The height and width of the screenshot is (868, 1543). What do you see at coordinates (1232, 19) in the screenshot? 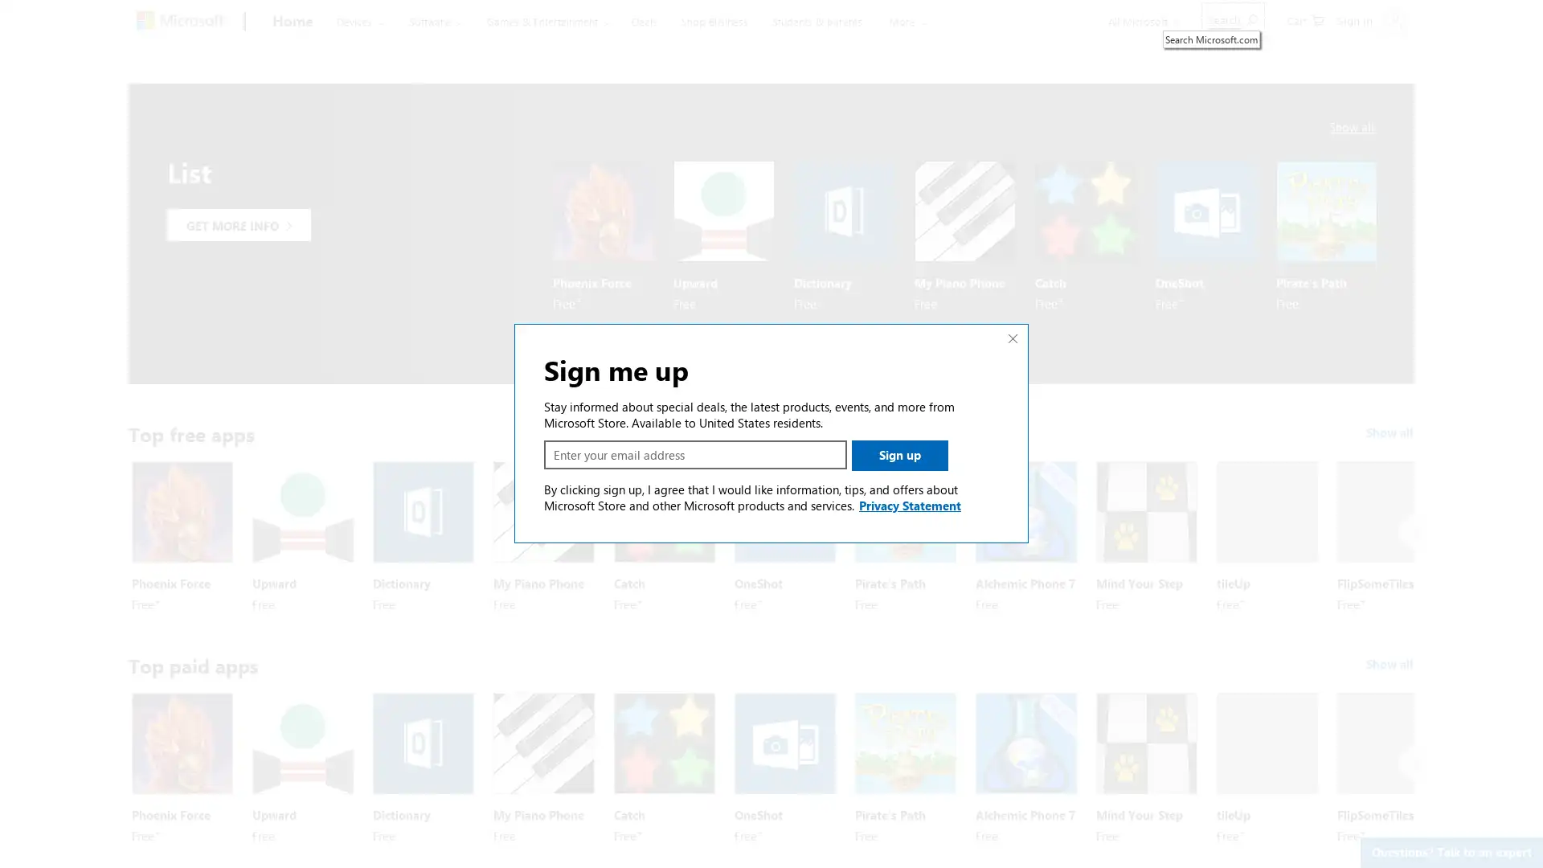
I see `Search Microsoft.com` at bounding box center [1232, 19].